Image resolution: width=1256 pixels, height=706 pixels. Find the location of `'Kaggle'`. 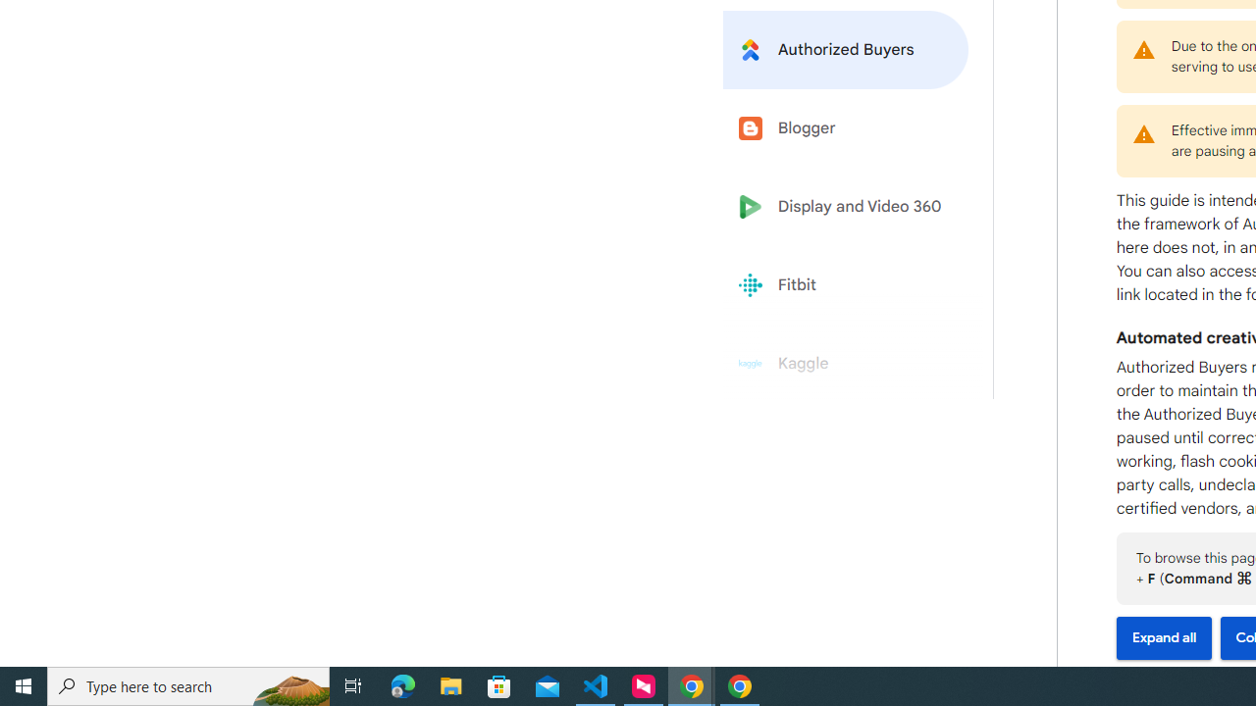

'Kaggle' is located at coordinates (846, 364).